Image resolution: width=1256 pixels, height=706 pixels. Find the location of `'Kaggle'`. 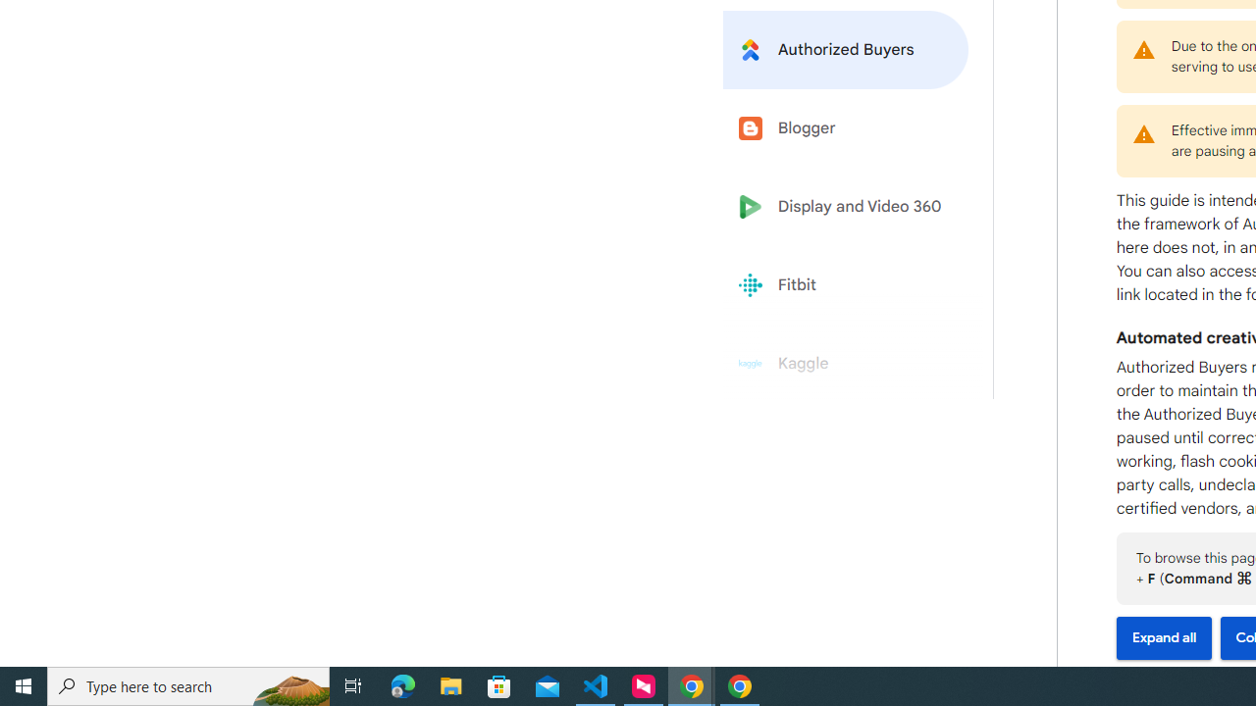

'Kaggle' is located at coordinates (846, 364).